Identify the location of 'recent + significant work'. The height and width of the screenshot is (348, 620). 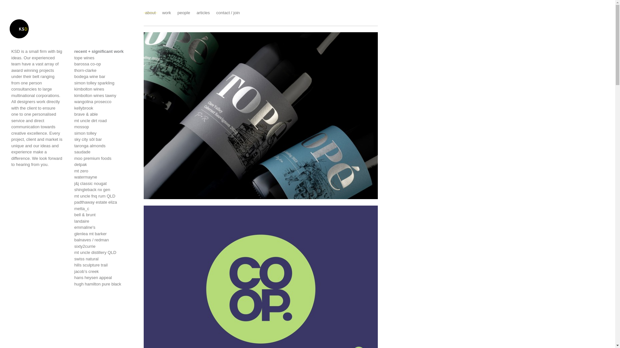
(74, 51).